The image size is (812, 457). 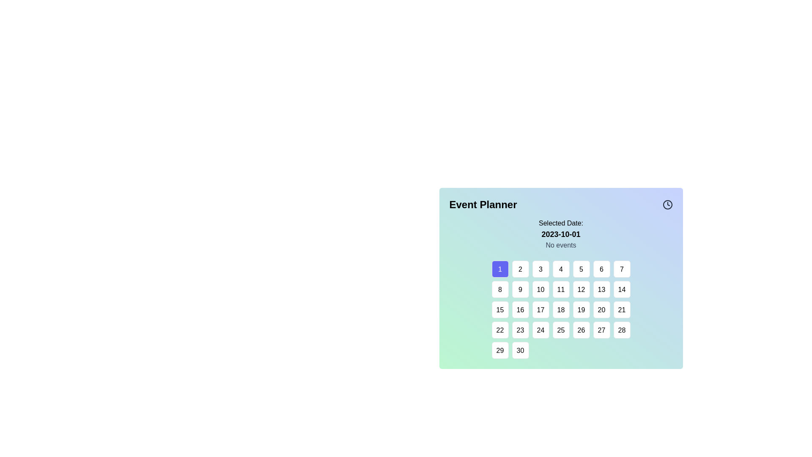 What do you see at coordinates (581, 329) in the screenshot?
I see `the square-shaped button with a white background and the number '26' in black, located in the fourth row and fifth column of the grid layout to trigger visual feedback` at bounding box center [581, 329].